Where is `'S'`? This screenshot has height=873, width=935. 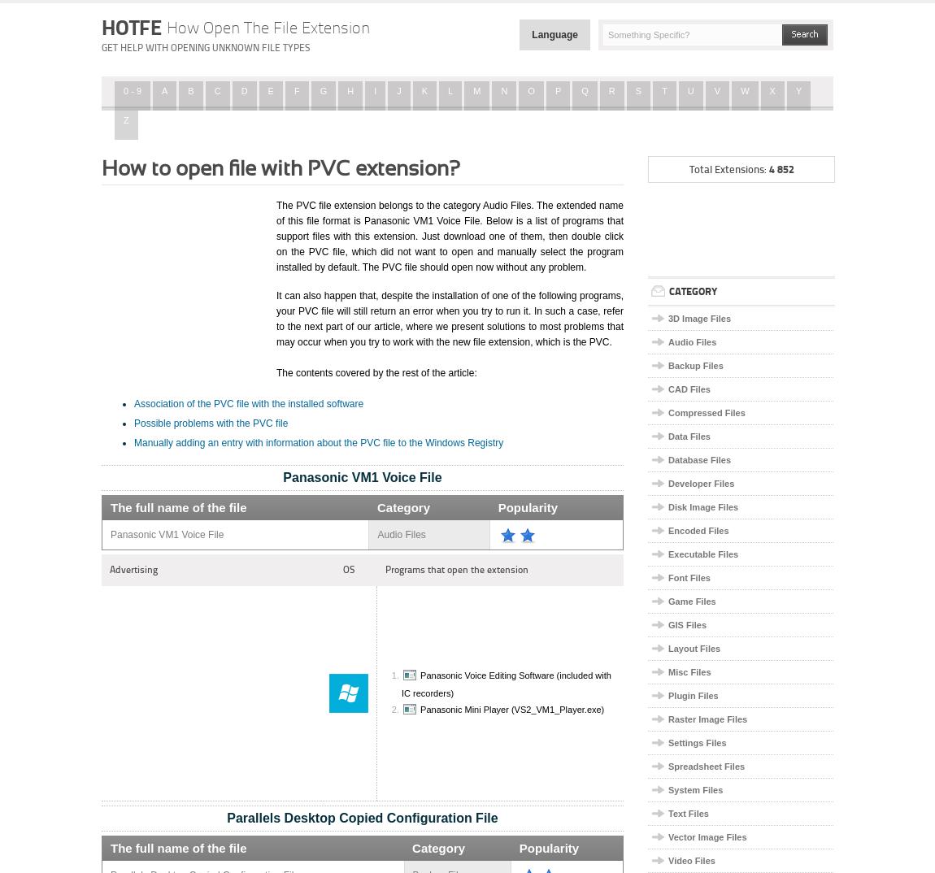 'S' is located at coordinates (633, 90).